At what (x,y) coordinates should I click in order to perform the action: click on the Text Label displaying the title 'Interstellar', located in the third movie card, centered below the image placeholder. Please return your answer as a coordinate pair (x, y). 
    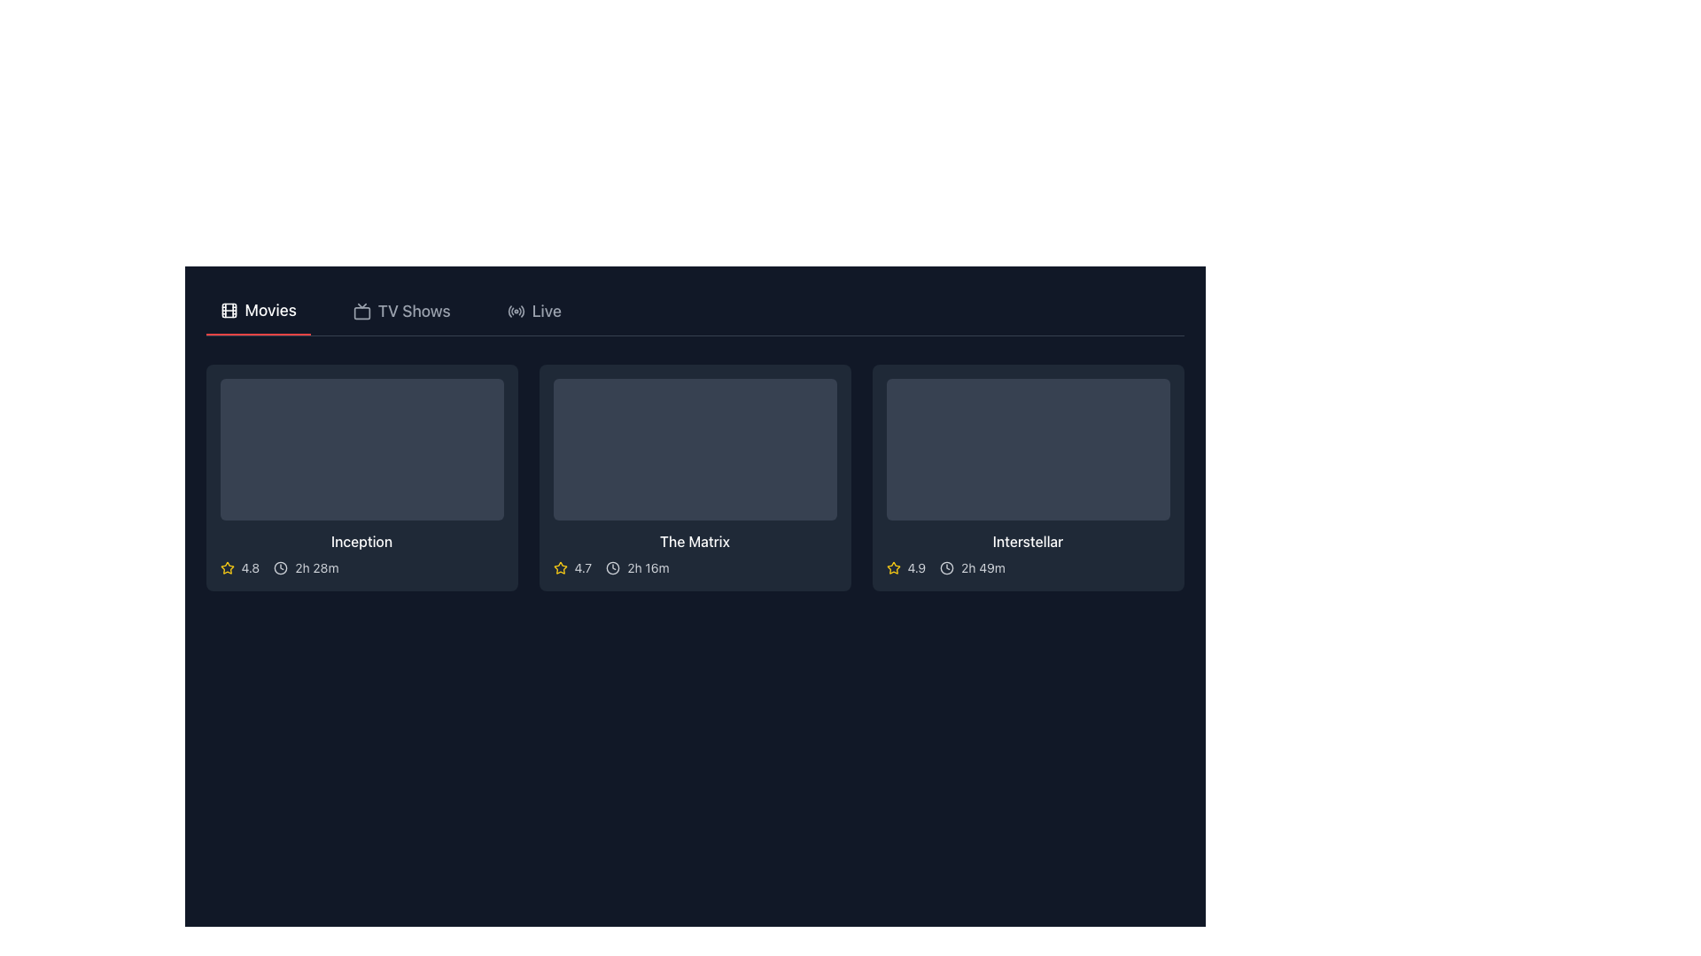
    Looking at the image, I should click on (1028, 541).